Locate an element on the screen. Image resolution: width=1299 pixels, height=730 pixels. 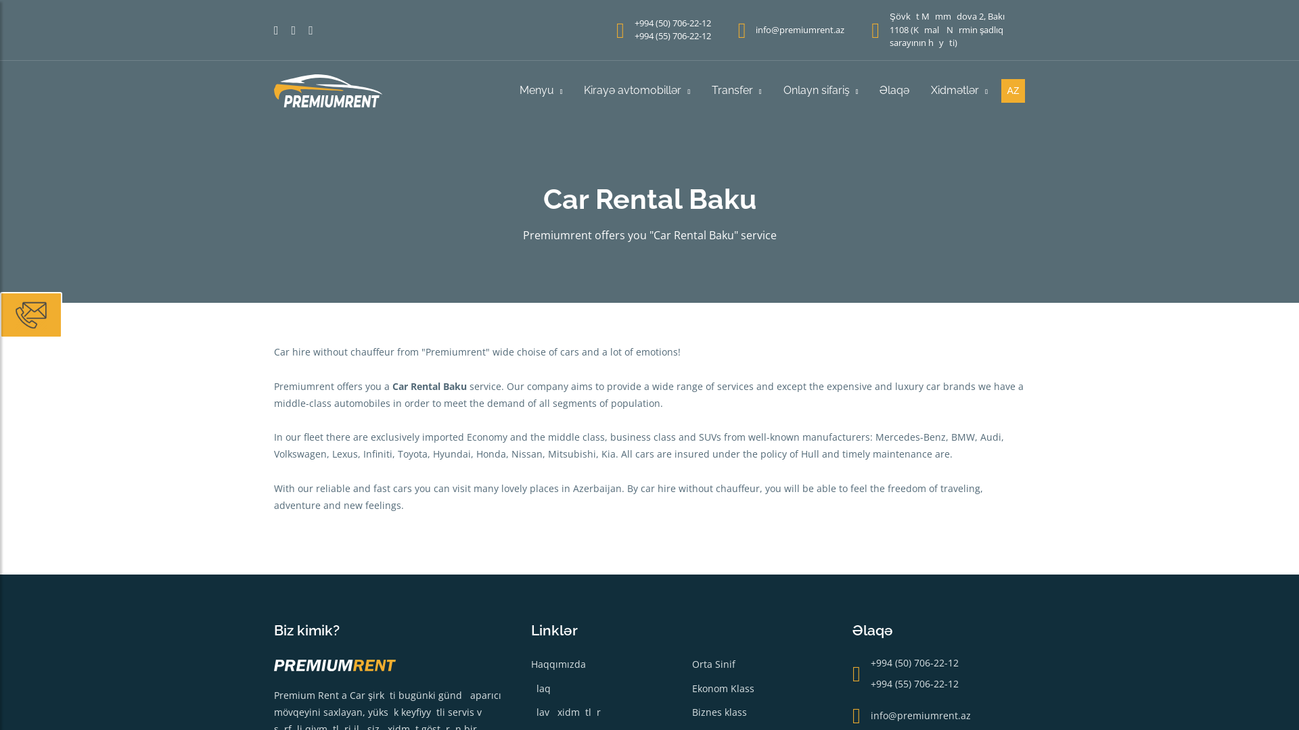
'Menyu' is located at coordinates (541, 91).